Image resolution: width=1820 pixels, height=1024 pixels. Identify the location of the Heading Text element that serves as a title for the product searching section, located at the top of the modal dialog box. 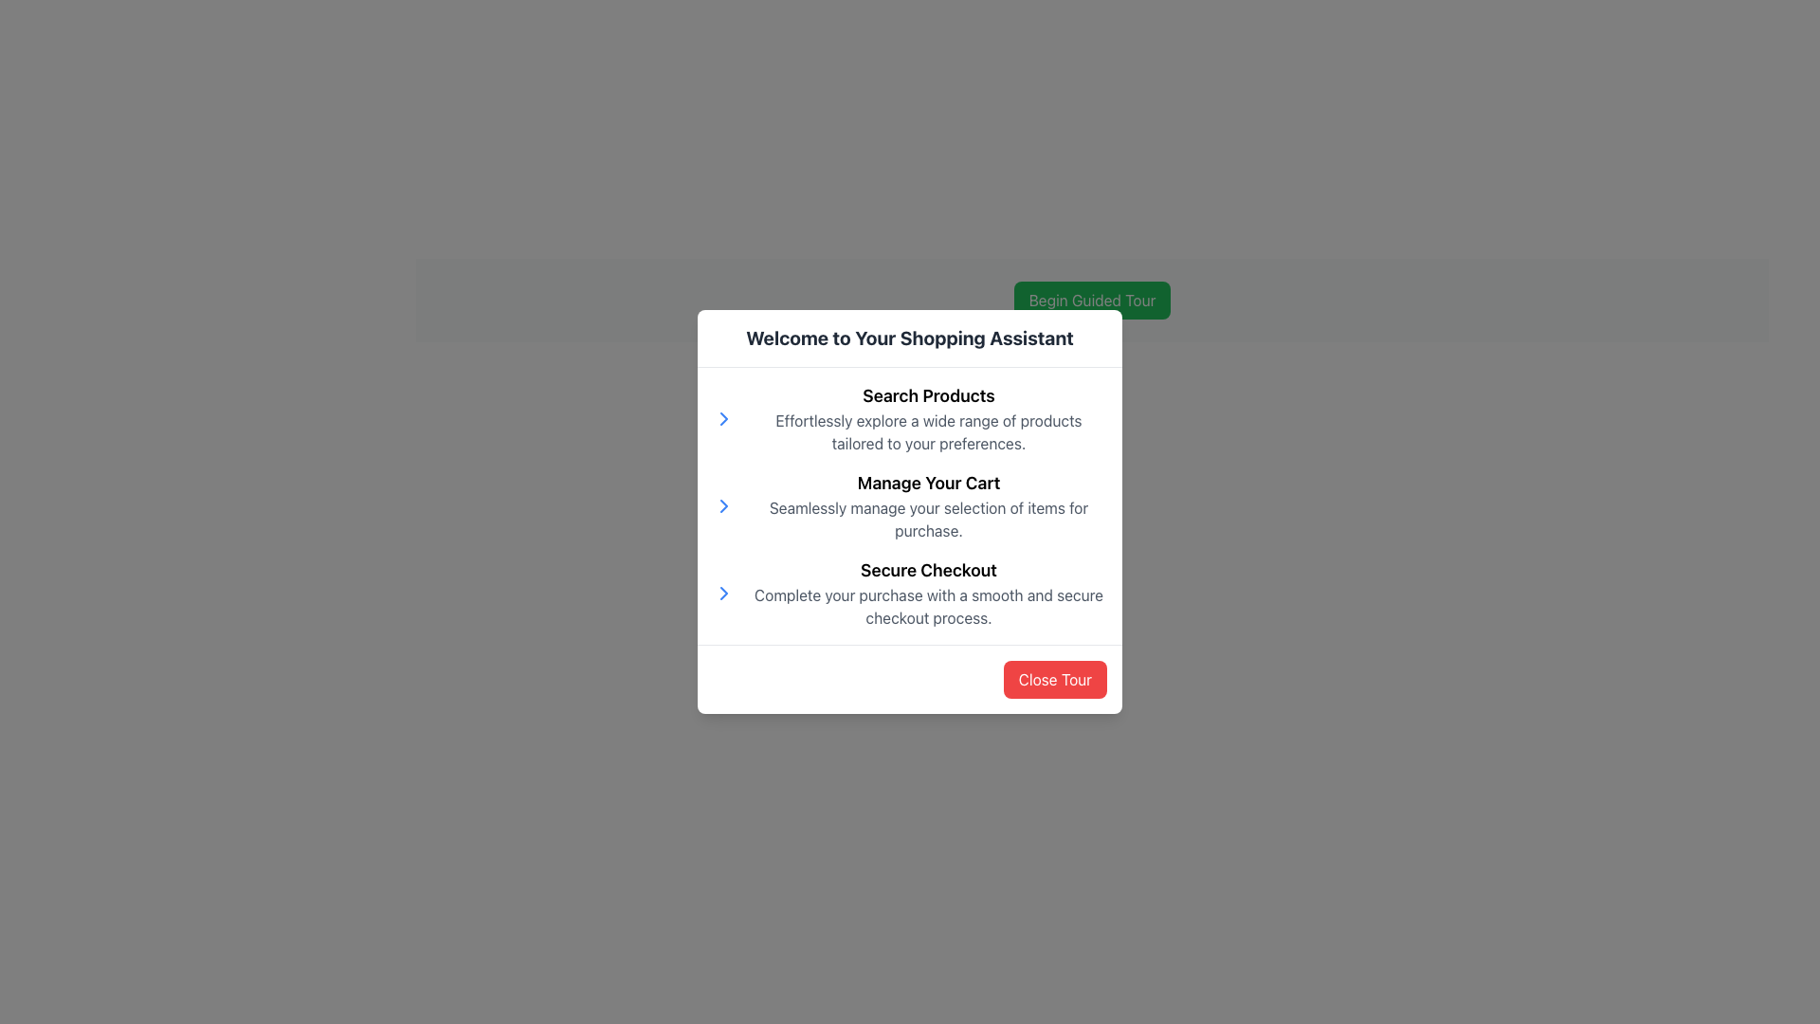
(928, 394).